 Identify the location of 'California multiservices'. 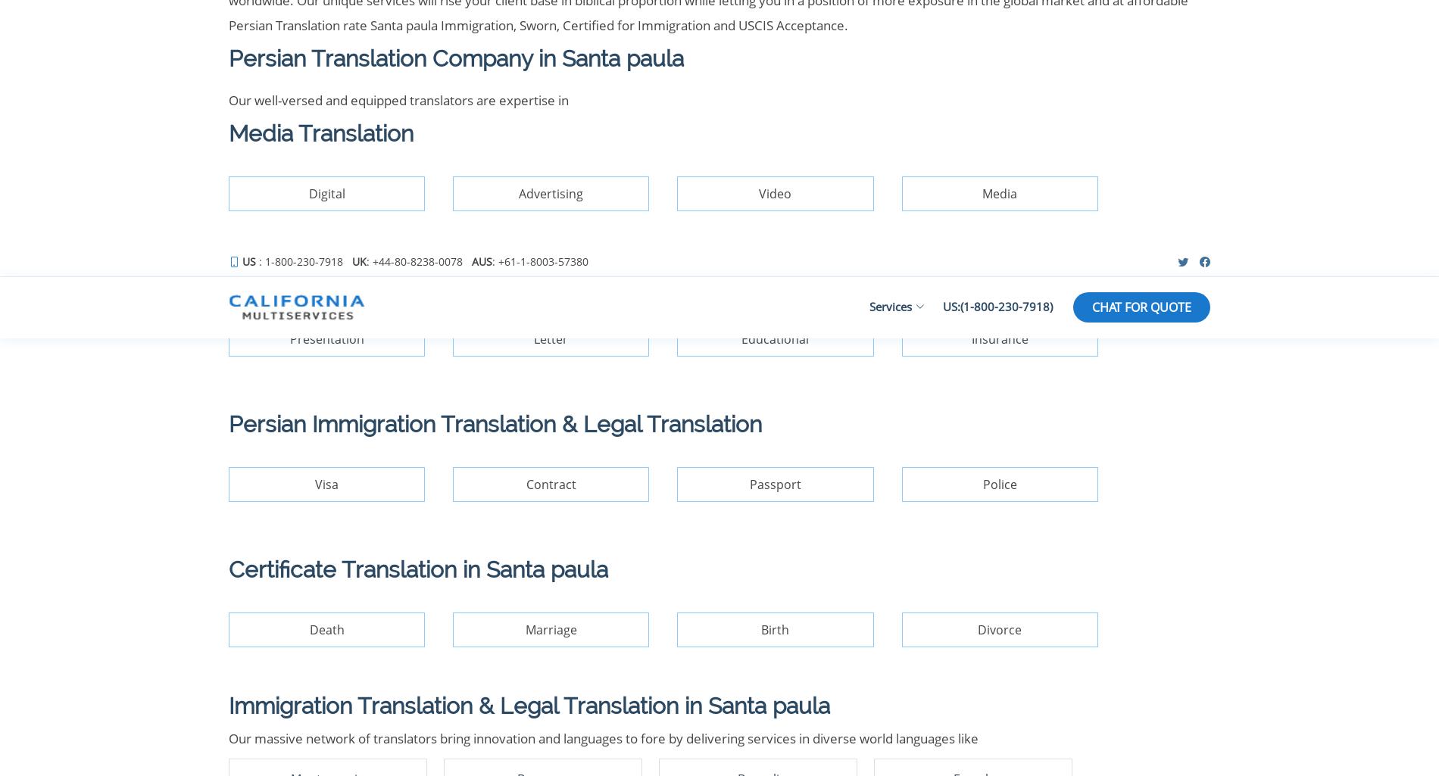
(373, 472).